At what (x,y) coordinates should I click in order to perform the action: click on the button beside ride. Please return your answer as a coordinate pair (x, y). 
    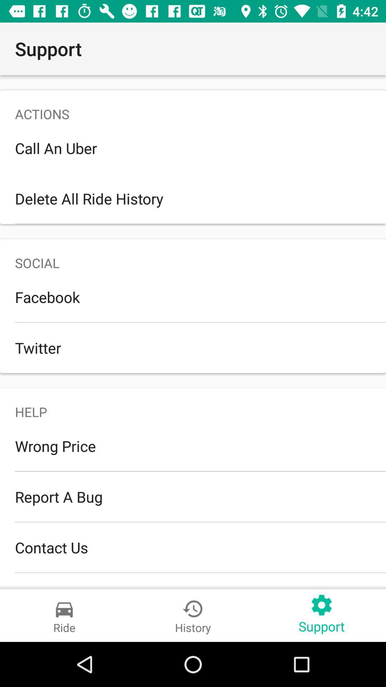
    Looking at the image, I should click on (193, 615).